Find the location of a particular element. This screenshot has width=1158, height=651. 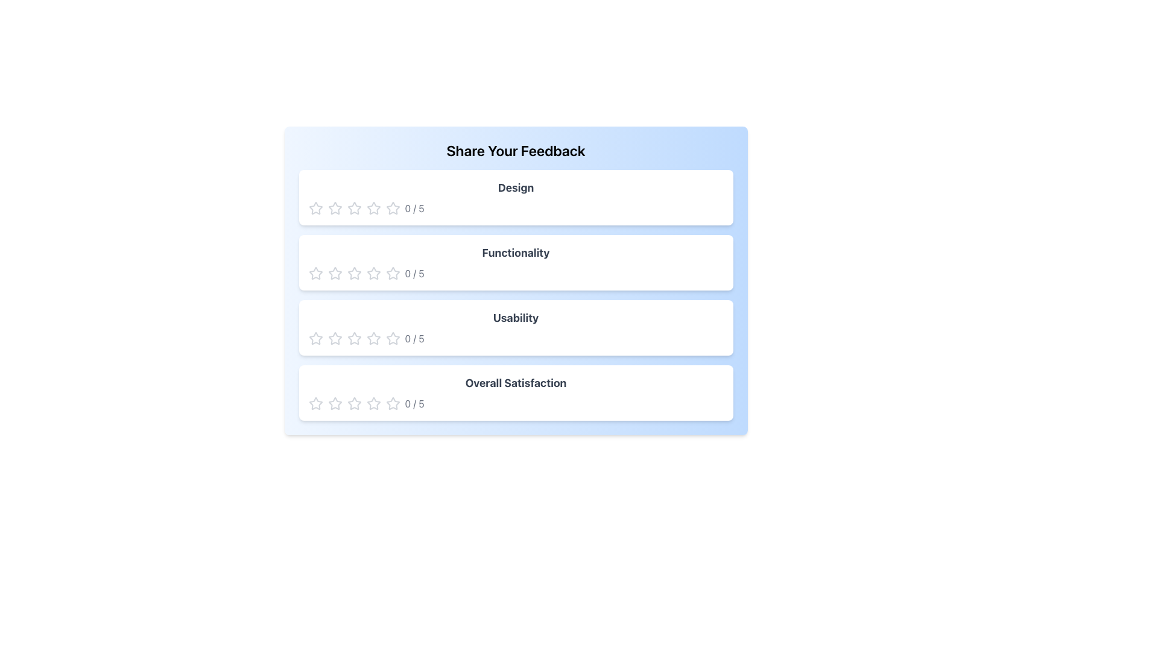

the first rating star icon located next to the 'Usability' feedback section, which is the first star in the 5-star rating system is located at coordinates (393, 338).